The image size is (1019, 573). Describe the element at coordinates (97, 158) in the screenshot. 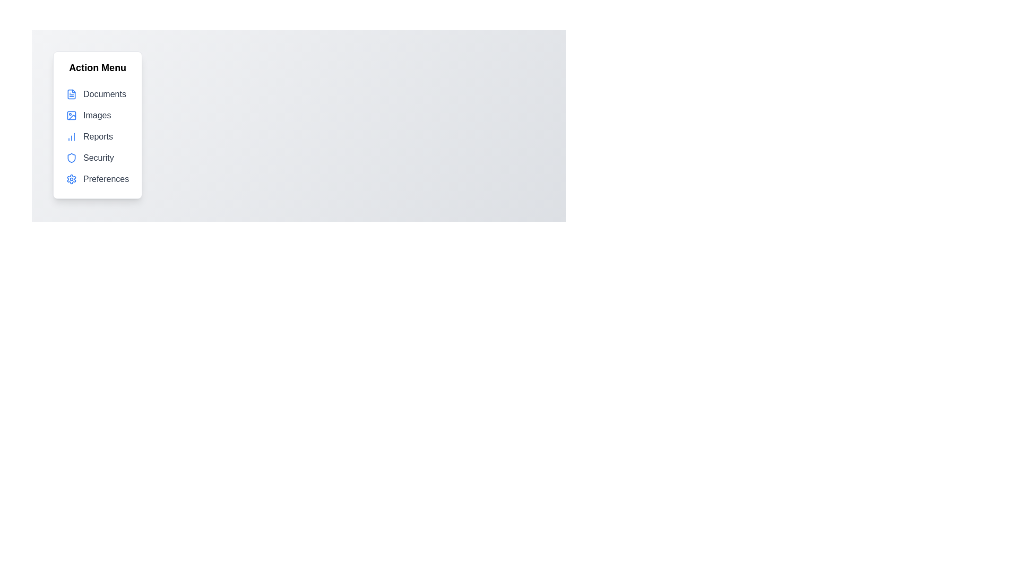

I see `the menu item labeled Security` at that location.